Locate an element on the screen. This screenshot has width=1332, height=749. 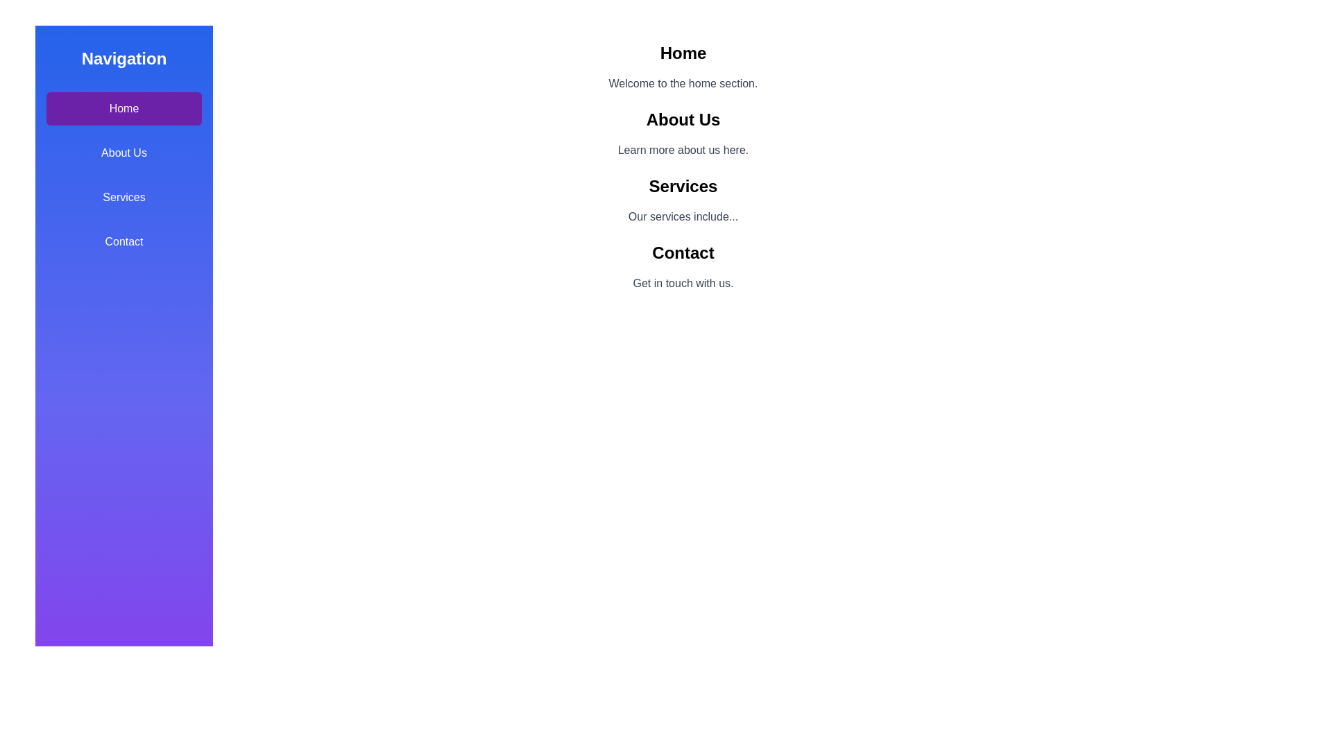
the static text element that serves as a descriptive subtitle for the 'Services' section, positioned directly below the 'Services' header is located at coordinates (683, 216).